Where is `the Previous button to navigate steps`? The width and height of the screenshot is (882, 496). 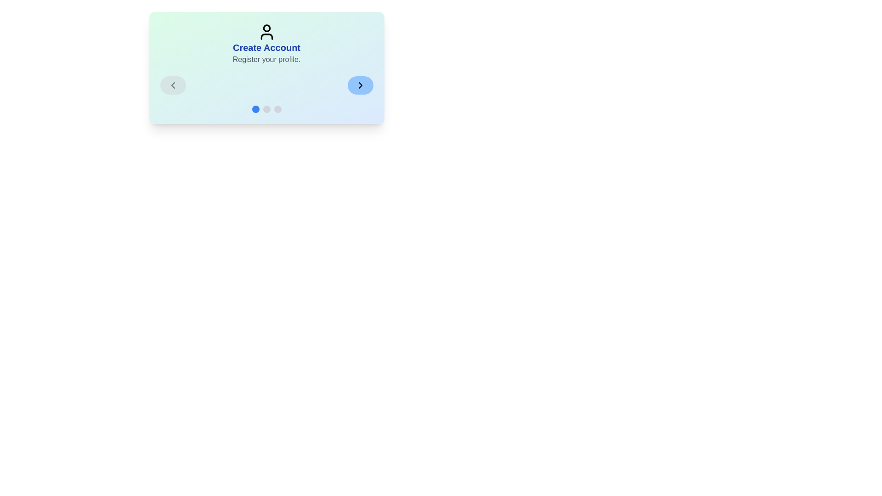 the Previous button to navigate steps is located at coordinates (173, 85).